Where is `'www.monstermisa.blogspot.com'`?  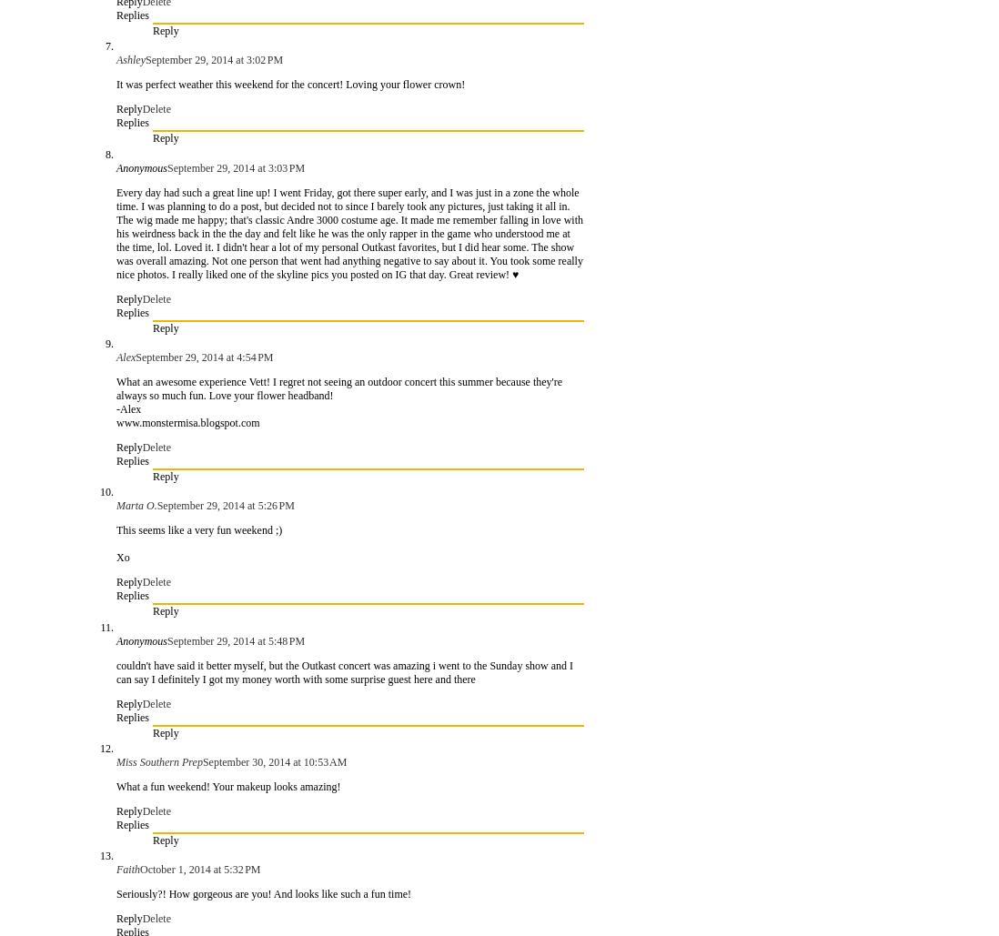
'www.monstermisa.blogspot.com' is located at coordinates (187, 421).